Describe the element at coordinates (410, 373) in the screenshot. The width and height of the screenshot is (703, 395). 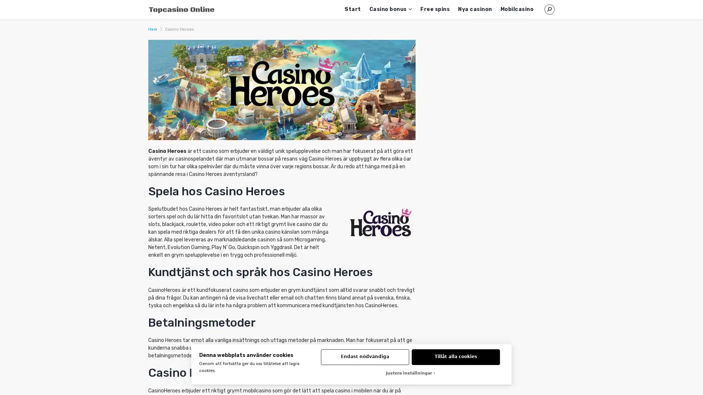
I see `Justera installningar` at that location.